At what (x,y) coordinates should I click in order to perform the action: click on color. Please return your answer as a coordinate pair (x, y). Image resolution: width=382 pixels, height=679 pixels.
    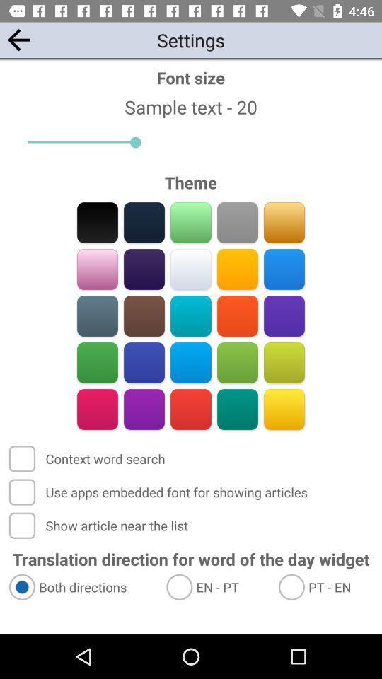
    Looking at the image, I should click on (284, 315).